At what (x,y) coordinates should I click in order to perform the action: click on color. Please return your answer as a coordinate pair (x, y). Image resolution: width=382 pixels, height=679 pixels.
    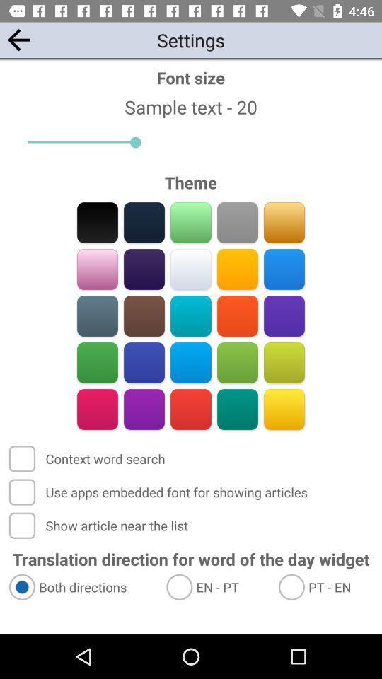
    Looking at the image, I should click on (284, 315).